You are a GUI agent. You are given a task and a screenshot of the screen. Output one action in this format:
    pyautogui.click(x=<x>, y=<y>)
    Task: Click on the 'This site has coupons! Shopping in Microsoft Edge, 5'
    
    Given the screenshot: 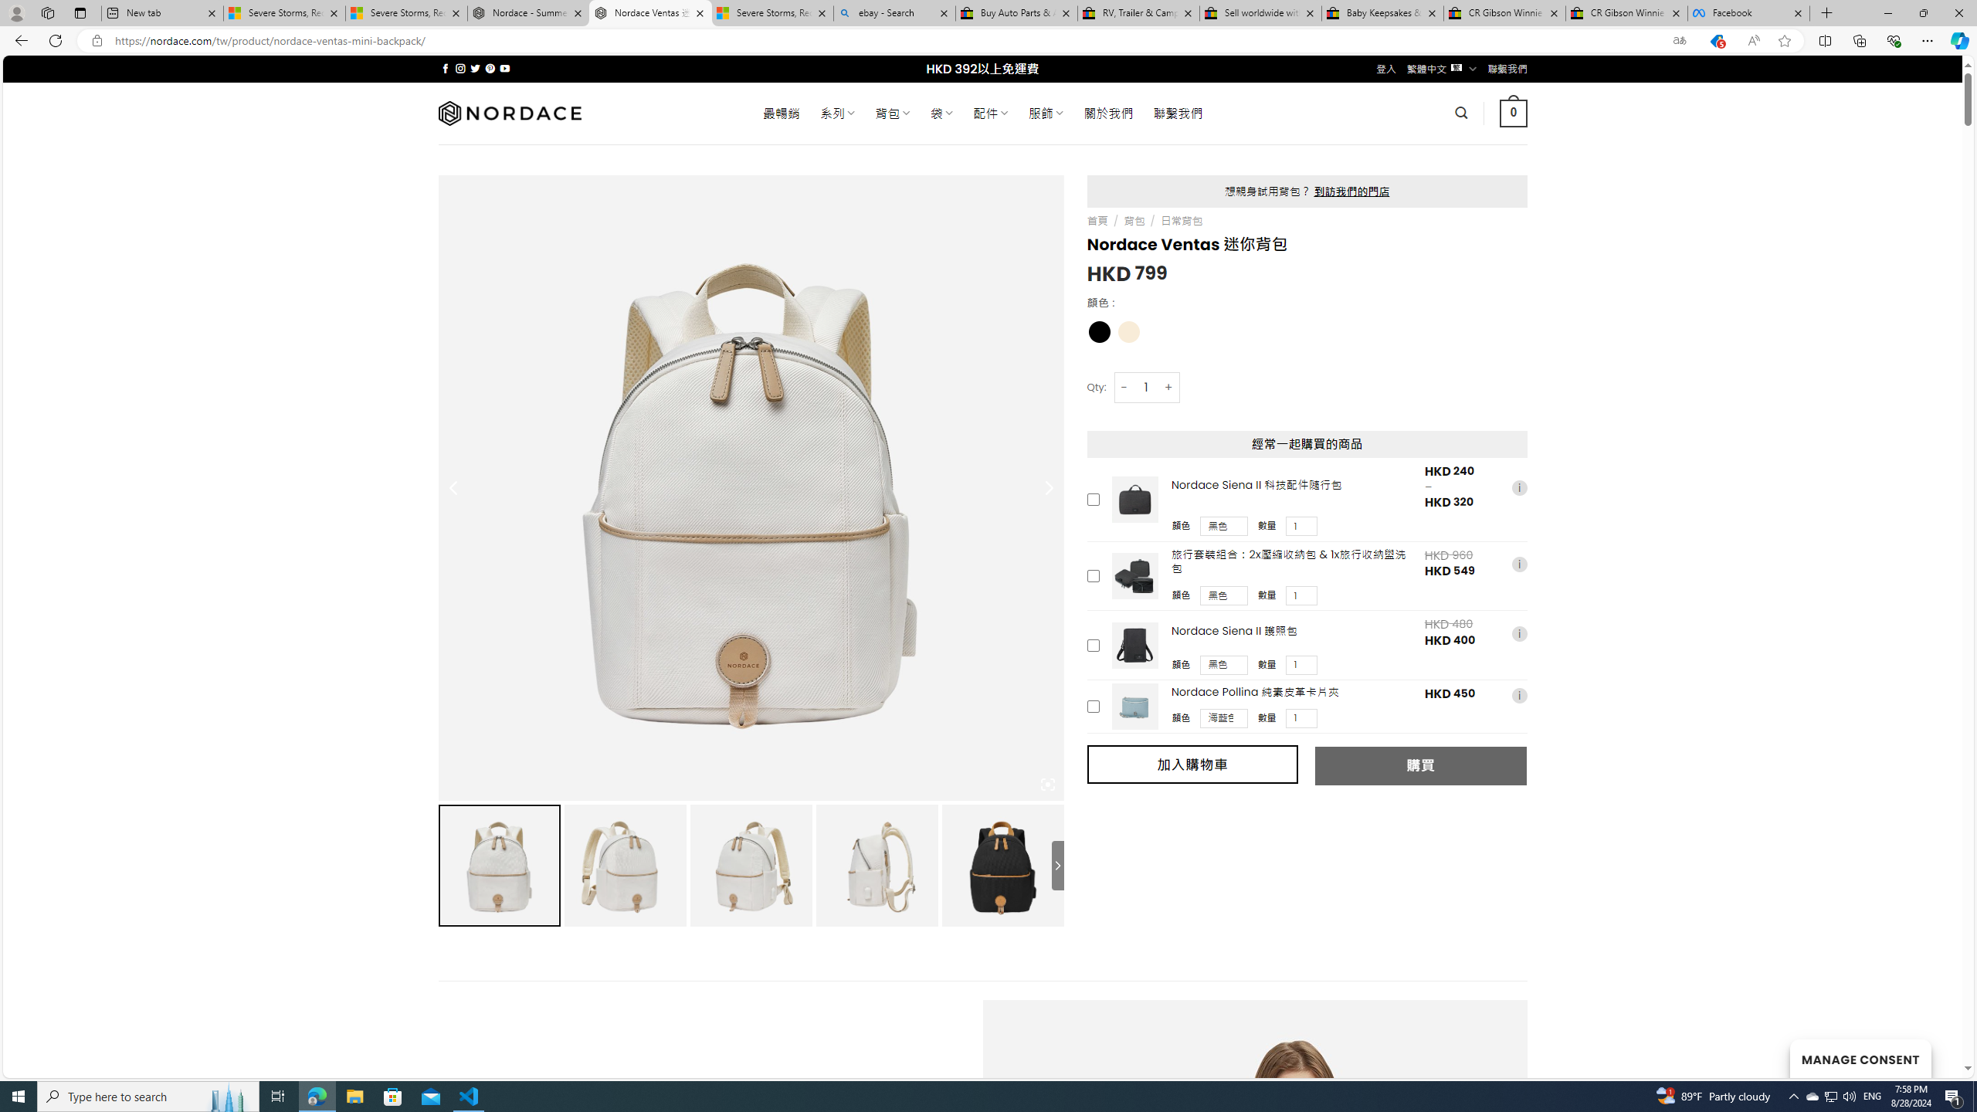 What is the action you would take?
    pyautogui.click(x=1715, y=41)
    